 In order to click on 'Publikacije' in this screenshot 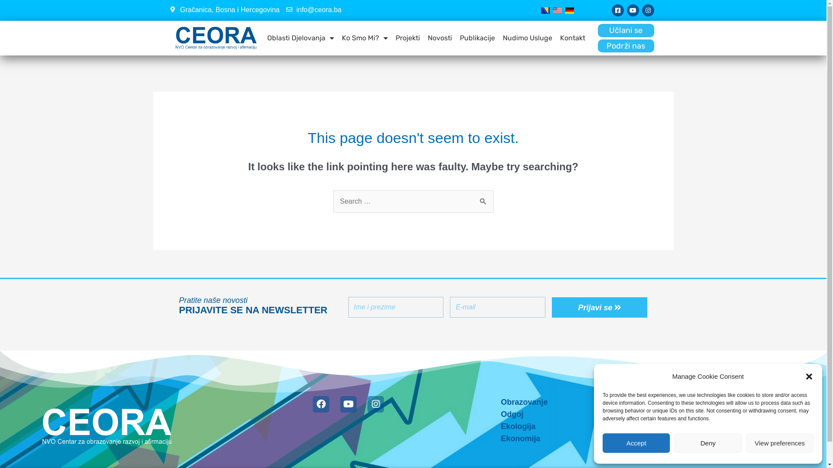, I will do `click(477, 38)`.